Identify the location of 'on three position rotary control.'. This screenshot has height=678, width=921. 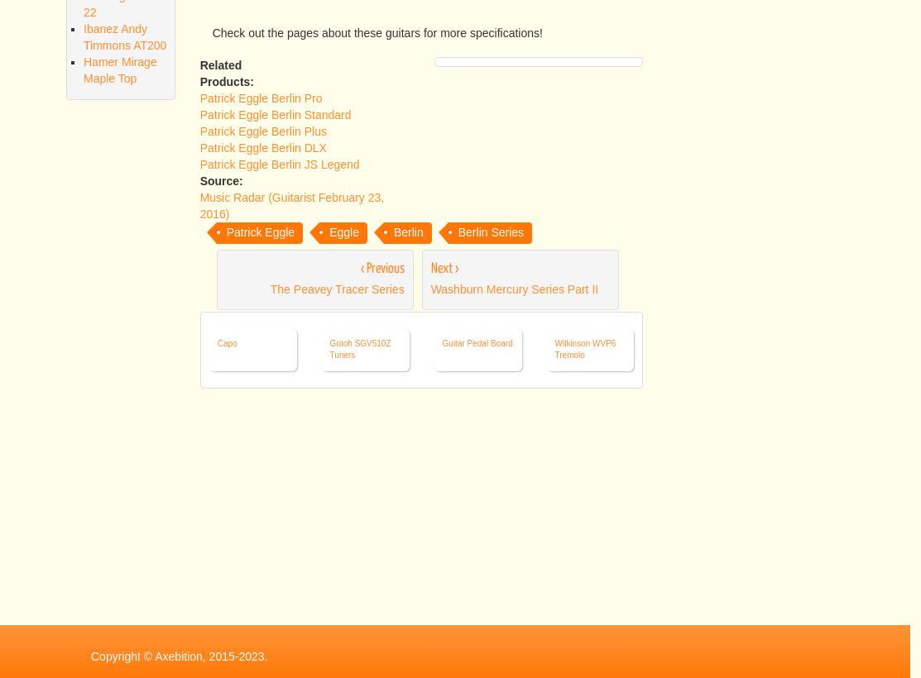
(365, 14).